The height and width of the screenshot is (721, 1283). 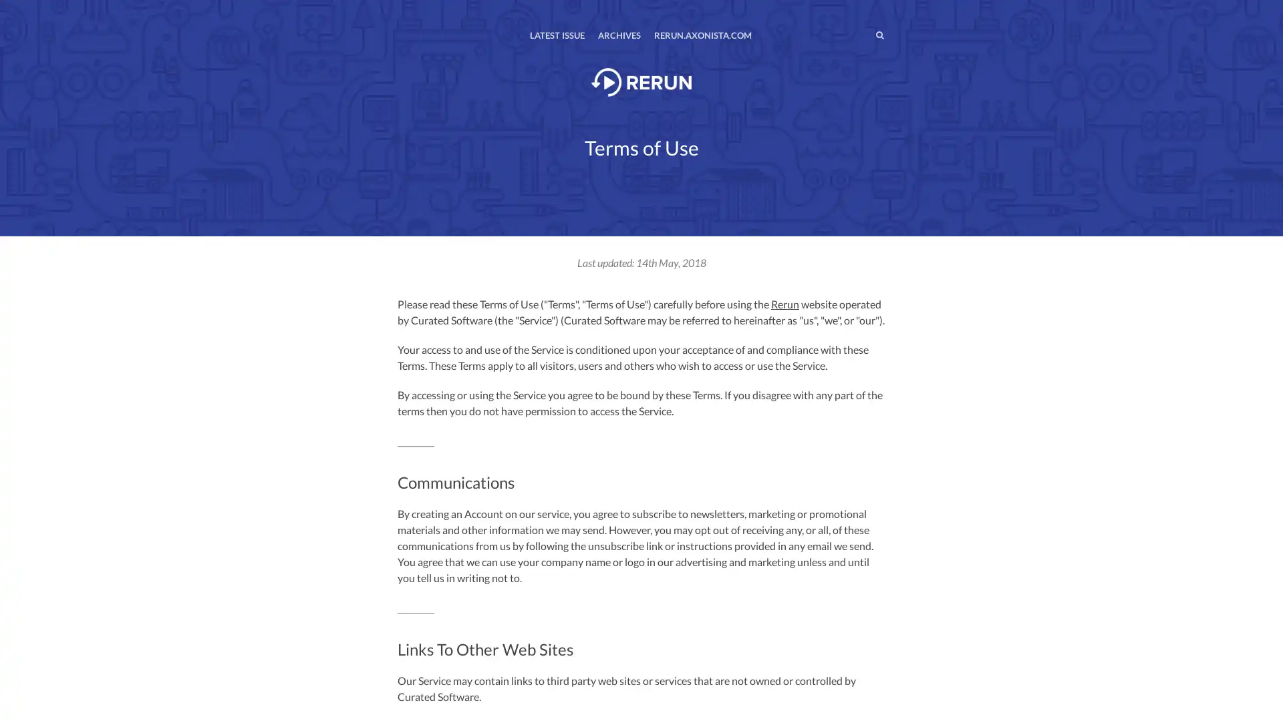 I want to click on TOGGLE MENU, so click(x=400, y=9).